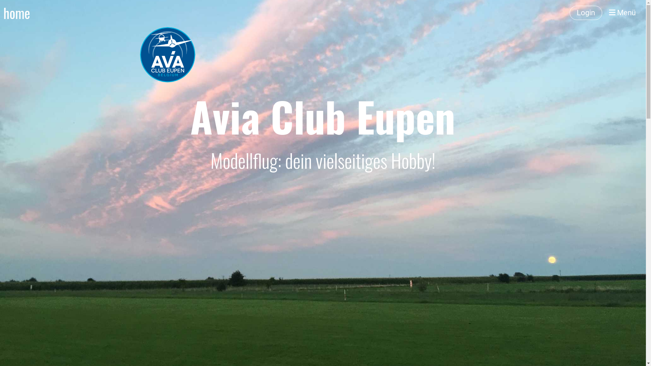 The image size is (651, 366). Describe the element at coordinates (586, 13) in the screenshot. I see `'Login'` at that location.